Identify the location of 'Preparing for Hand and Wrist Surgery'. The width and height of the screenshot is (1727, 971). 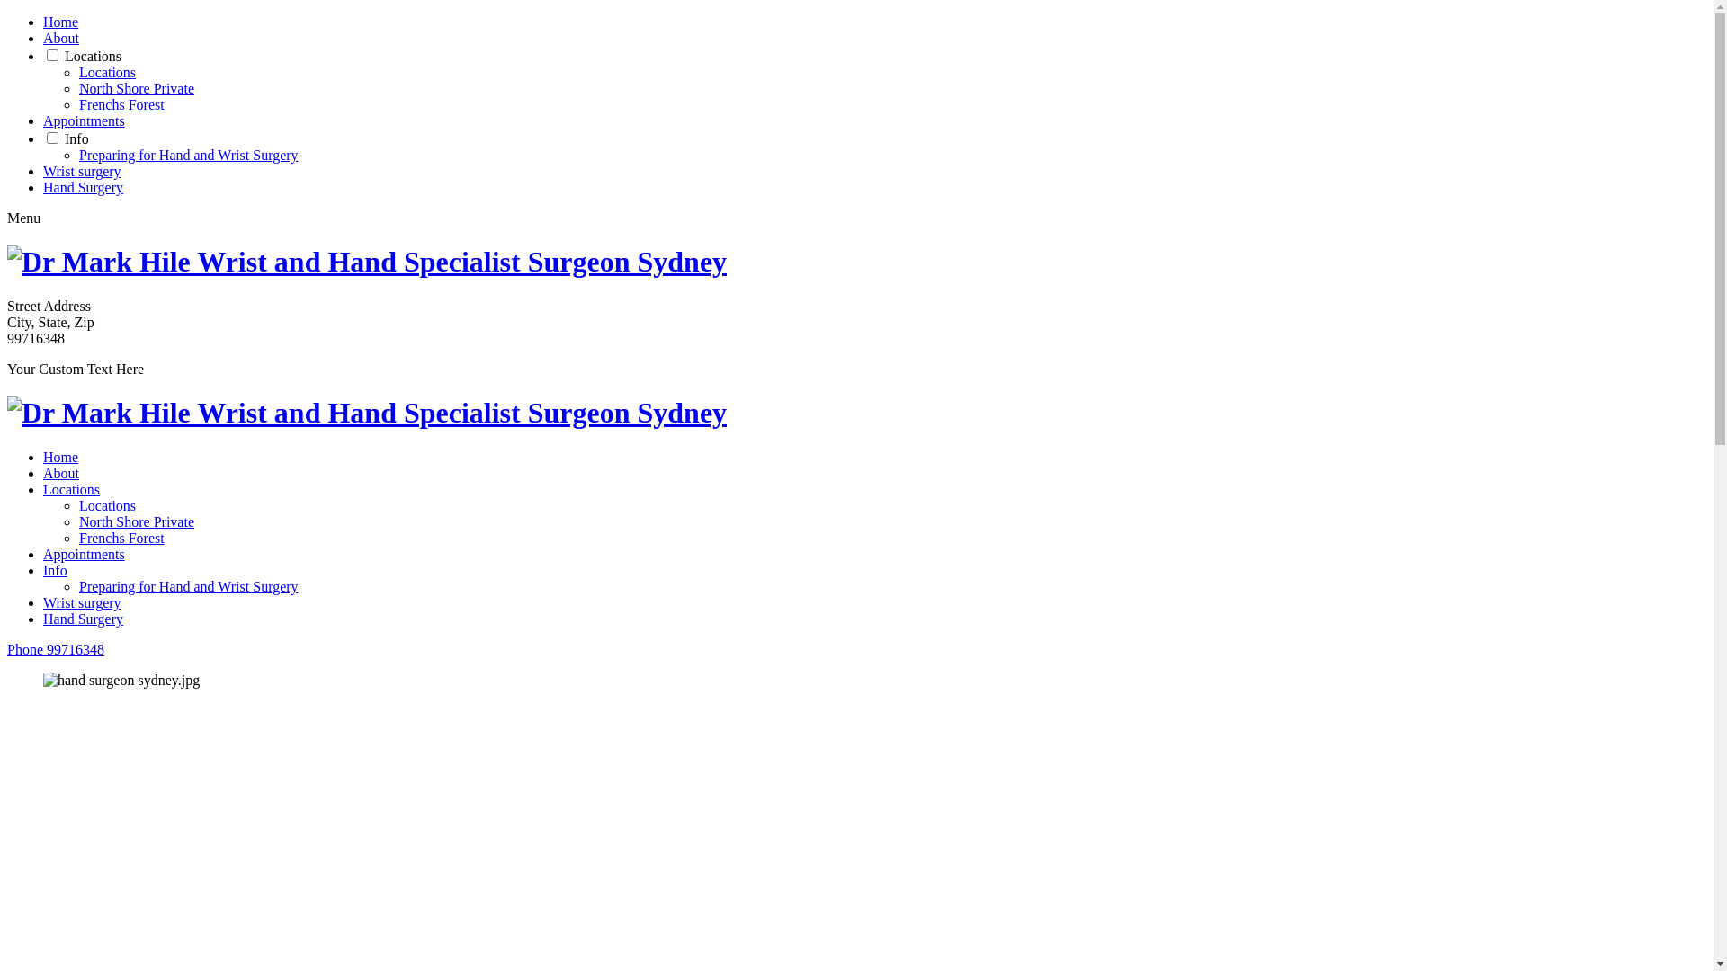
(77, 154).